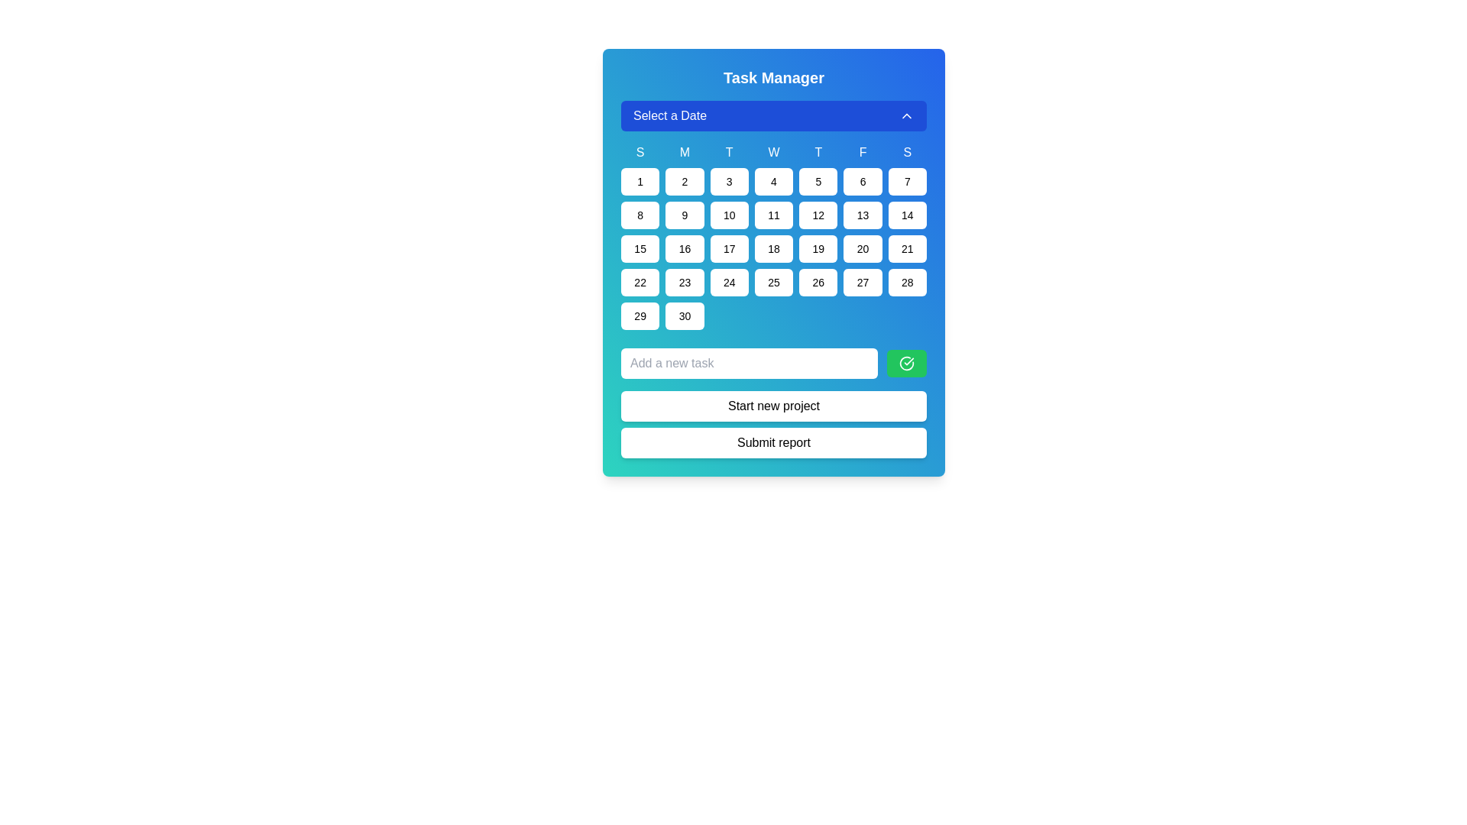  Describe the element at coordinates (684, 181) in the screenshot. I see `the button labeled '2', which is a rounded rectangle with a light background and dark text` at that location.